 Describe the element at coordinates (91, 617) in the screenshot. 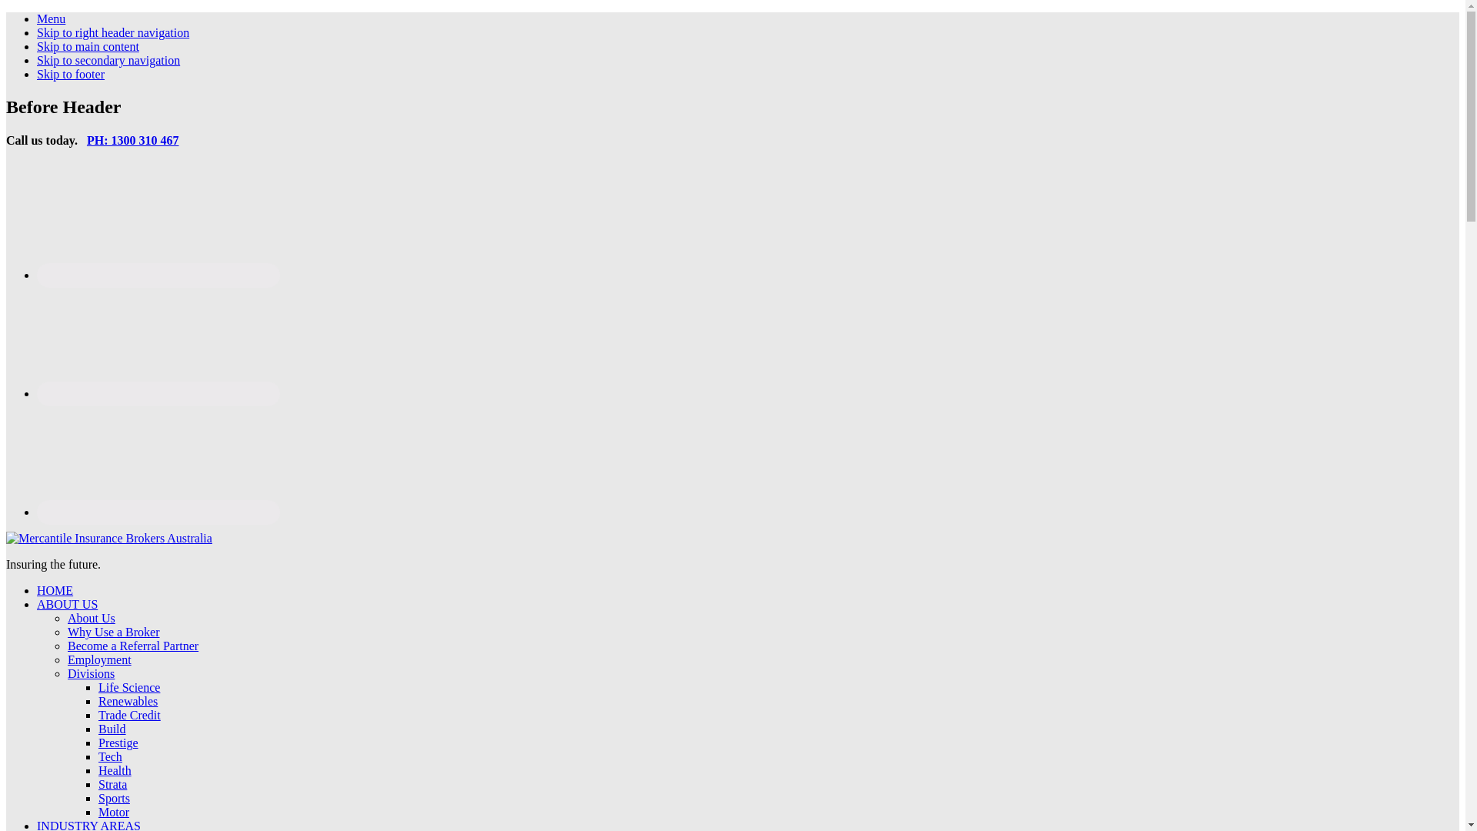

I see `'About Us'` at that location.